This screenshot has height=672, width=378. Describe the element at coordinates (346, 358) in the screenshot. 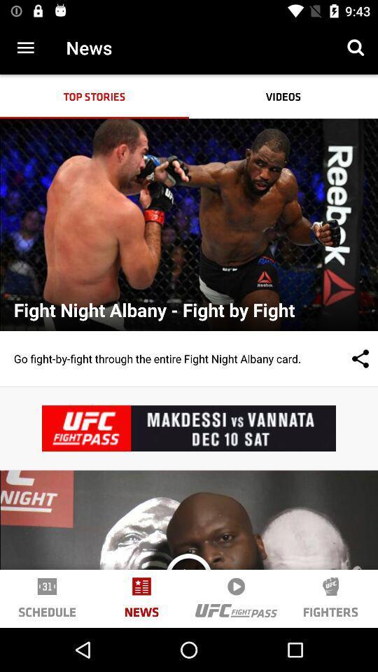

I see `icon to the right of go fight by icon` at that location.